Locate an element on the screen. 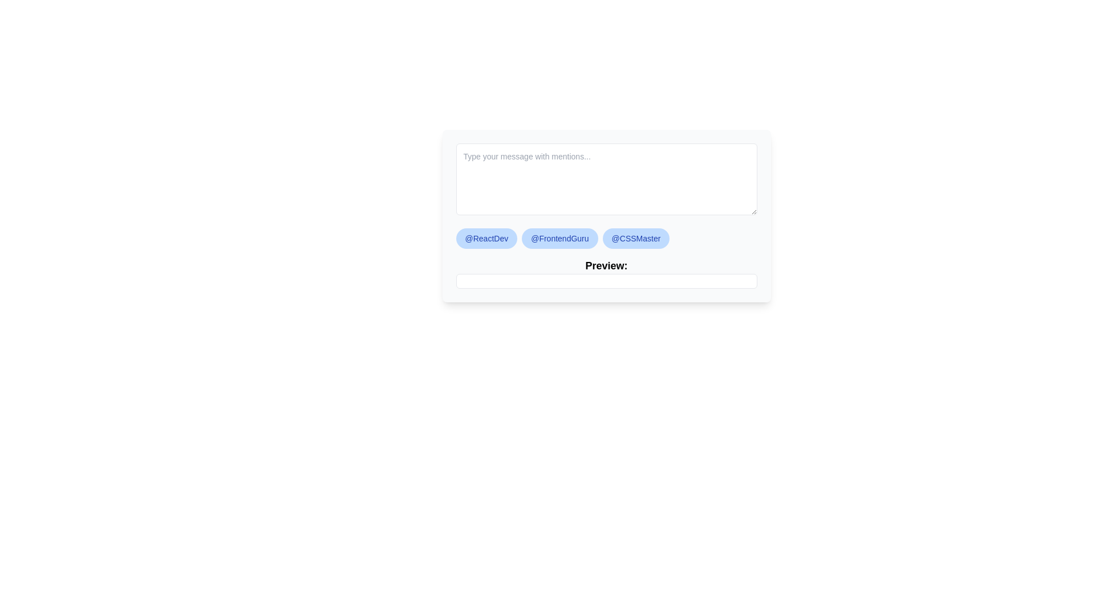  the interactive tag '@FrontendGuru' which is the second button in a row of three buttons, located near the bottom of a text input box is located at coordinates (559, 238).